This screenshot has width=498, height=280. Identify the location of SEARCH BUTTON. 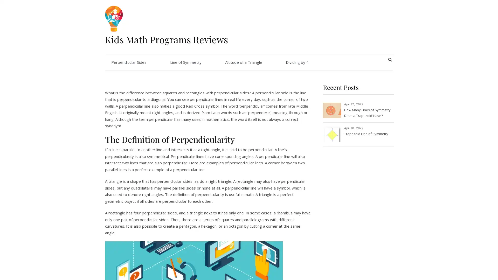
(390, 59).